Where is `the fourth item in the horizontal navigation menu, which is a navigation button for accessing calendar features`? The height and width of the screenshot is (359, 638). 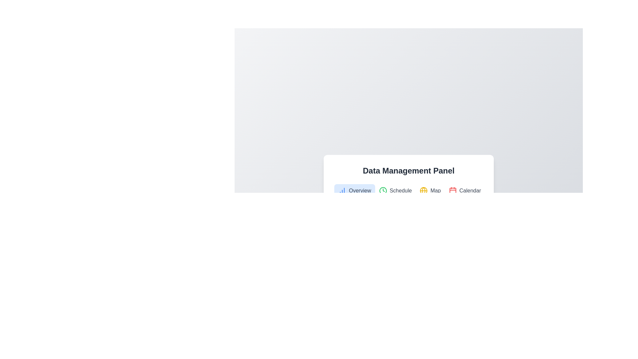 the fourth item in the horizontal navigation menu, which is a navigation button for accessing calendar features is located at coordinates (464, 191).